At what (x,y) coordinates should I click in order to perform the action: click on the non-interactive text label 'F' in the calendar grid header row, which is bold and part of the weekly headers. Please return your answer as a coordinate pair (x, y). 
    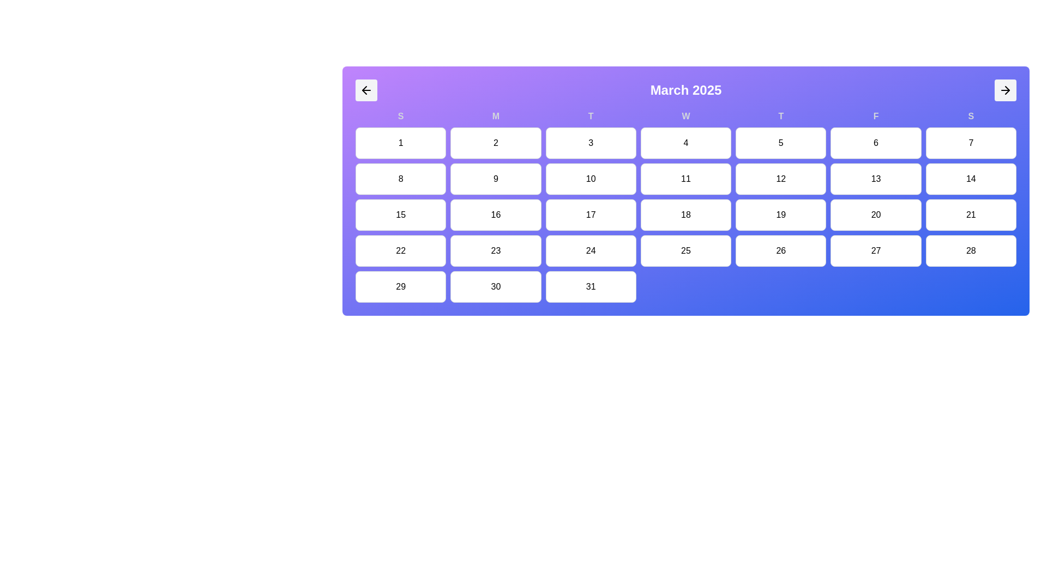
    Looking at the image, I should click on (876, 116).